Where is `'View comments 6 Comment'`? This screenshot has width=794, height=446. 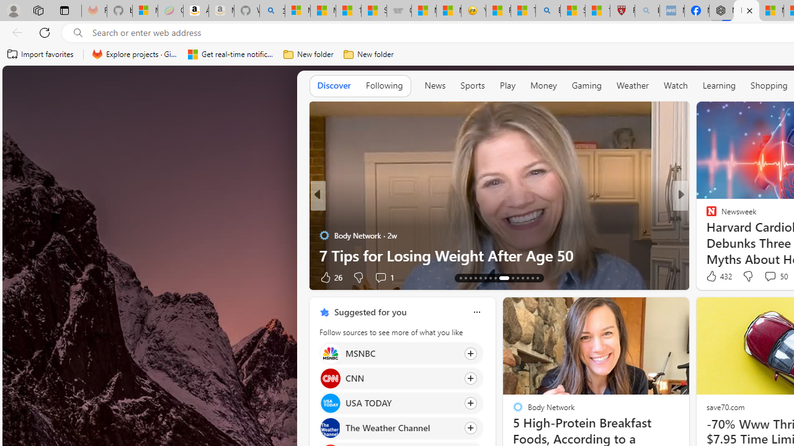
'View comments 6 Comment' is located at coordinates (765, 276).